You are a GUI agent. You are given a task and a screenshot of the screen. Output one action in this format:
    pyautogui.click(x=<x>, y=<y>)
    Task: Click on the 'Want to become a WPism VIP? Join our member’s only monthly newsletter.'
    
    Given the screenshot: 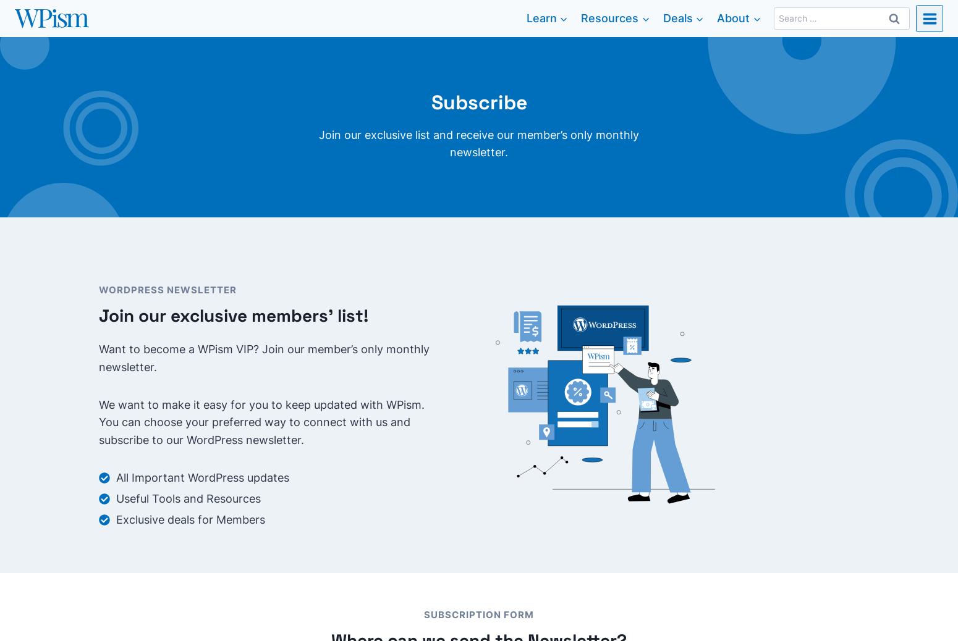 What is the action you would take?
    pyautogui.click(x=264, y=357)
    